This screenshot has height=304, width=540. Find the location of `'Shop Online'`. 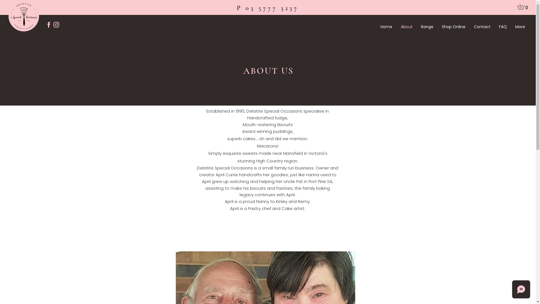

'Shop Online' is located at coordinates (453, 27).